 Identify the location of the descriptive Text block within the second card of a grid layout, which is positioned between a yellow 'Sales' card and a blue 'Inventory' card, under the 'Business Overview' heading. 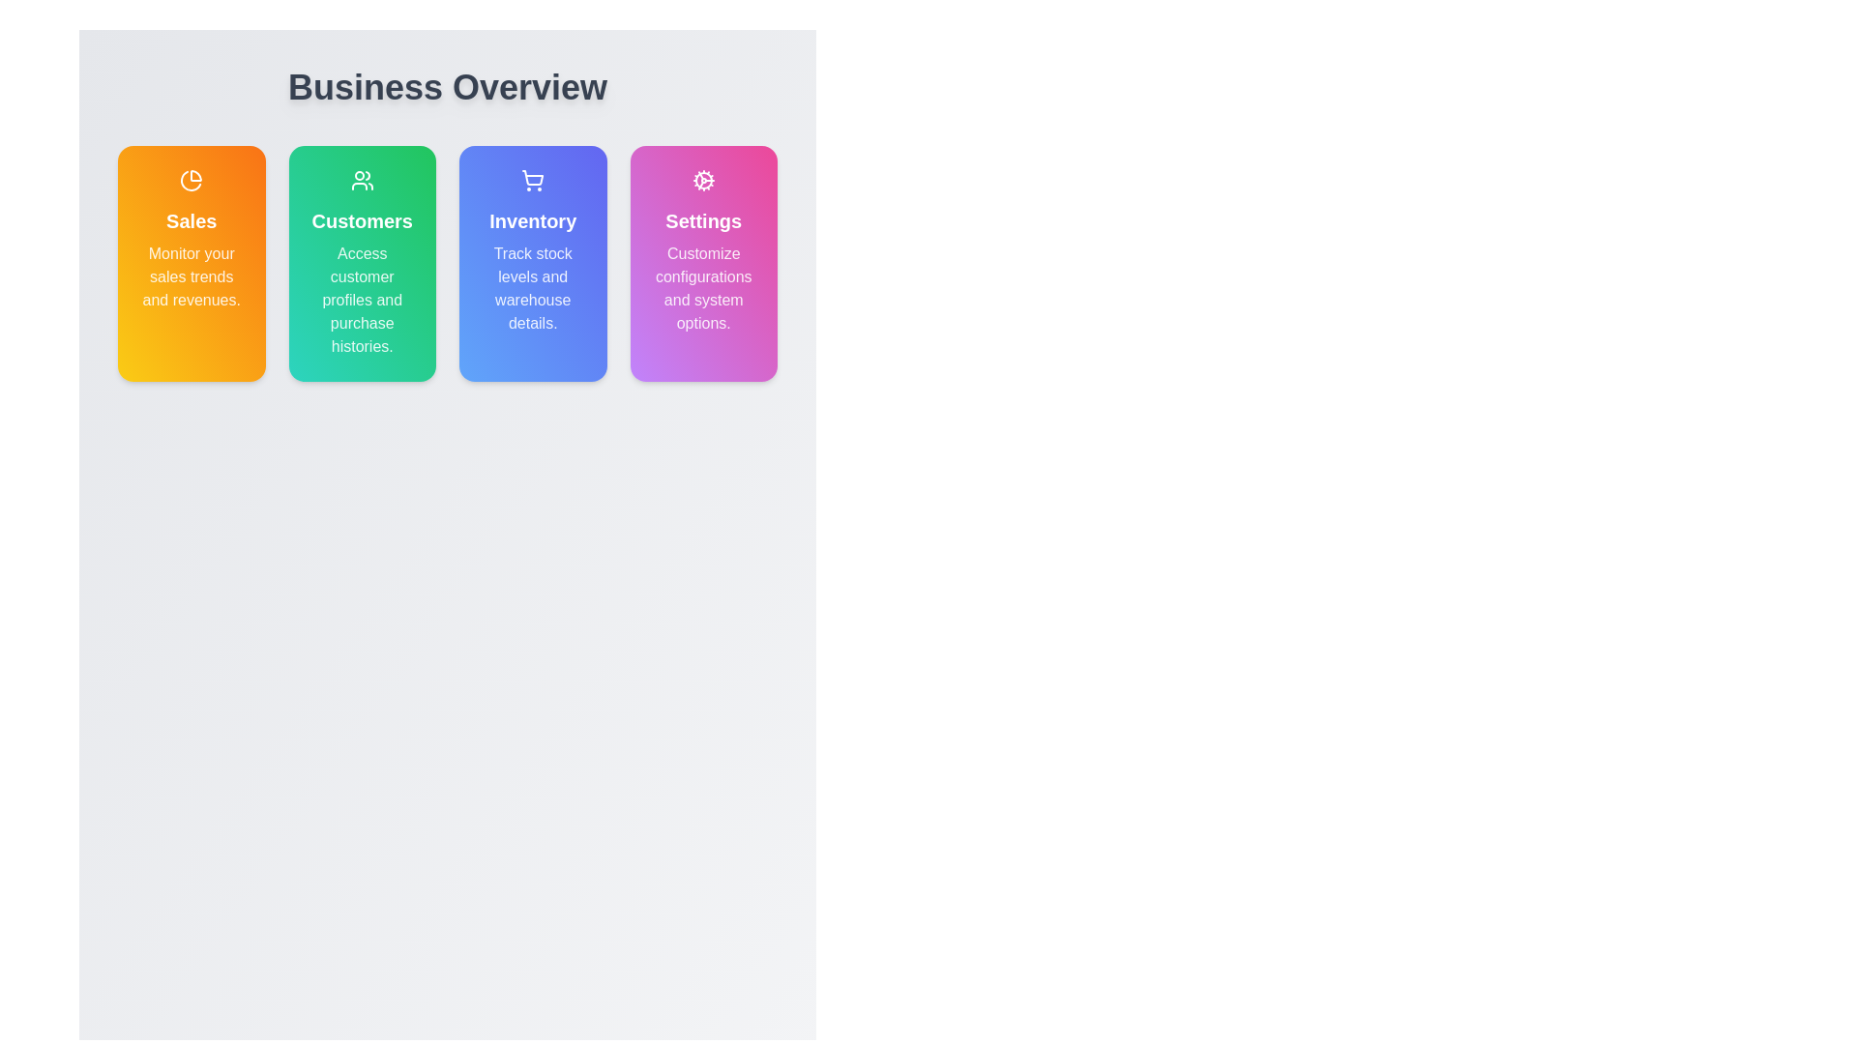
(362, 264).